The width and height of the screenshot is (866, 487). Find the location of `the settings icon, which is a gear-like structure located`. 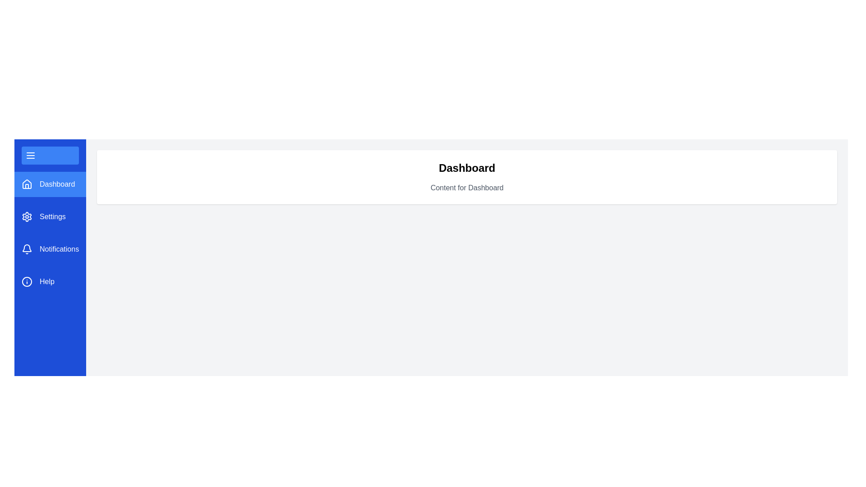

the settings icon, which is a gear-like structure located is located at coordinates (27, 217).